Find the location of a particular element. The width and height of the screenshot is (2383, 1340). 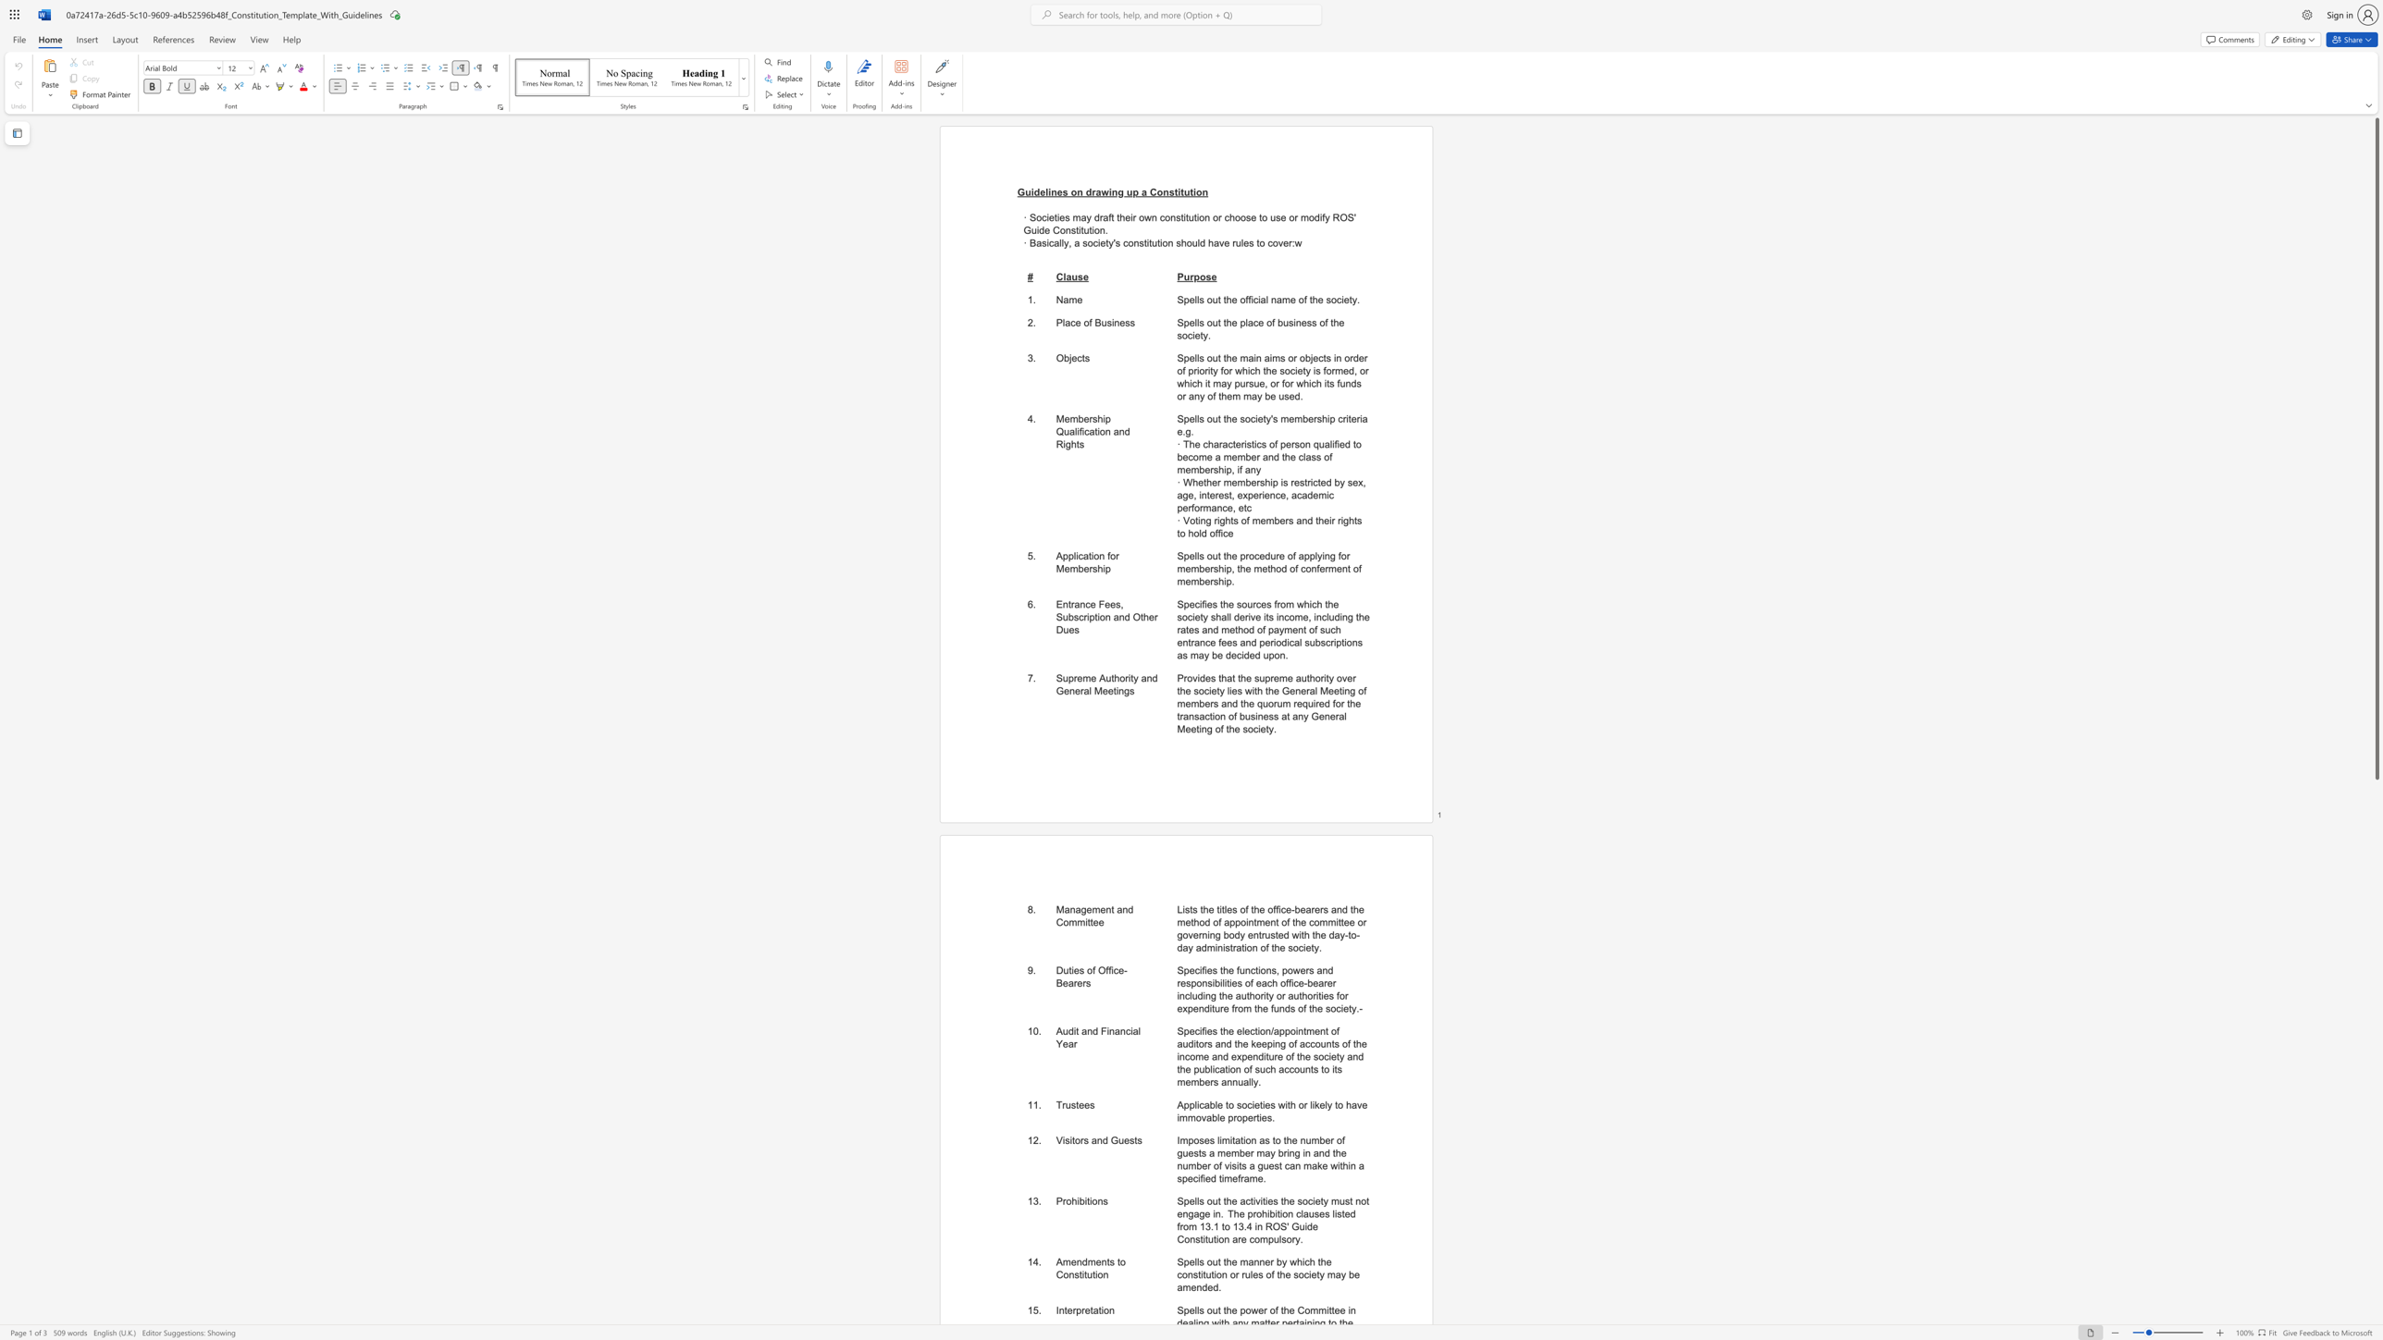

the scrollbar on the right to move the page downward is located at coordinates (2376, 929).